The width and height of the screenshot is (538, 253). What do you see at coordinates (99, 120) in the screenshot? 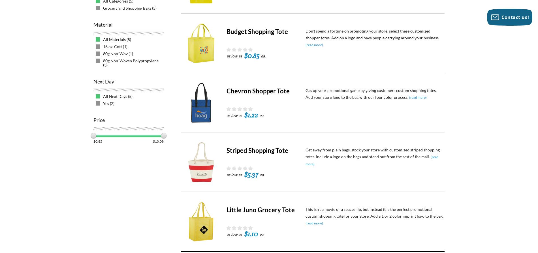
I see `'Price'` at bounding box center [99, 120].